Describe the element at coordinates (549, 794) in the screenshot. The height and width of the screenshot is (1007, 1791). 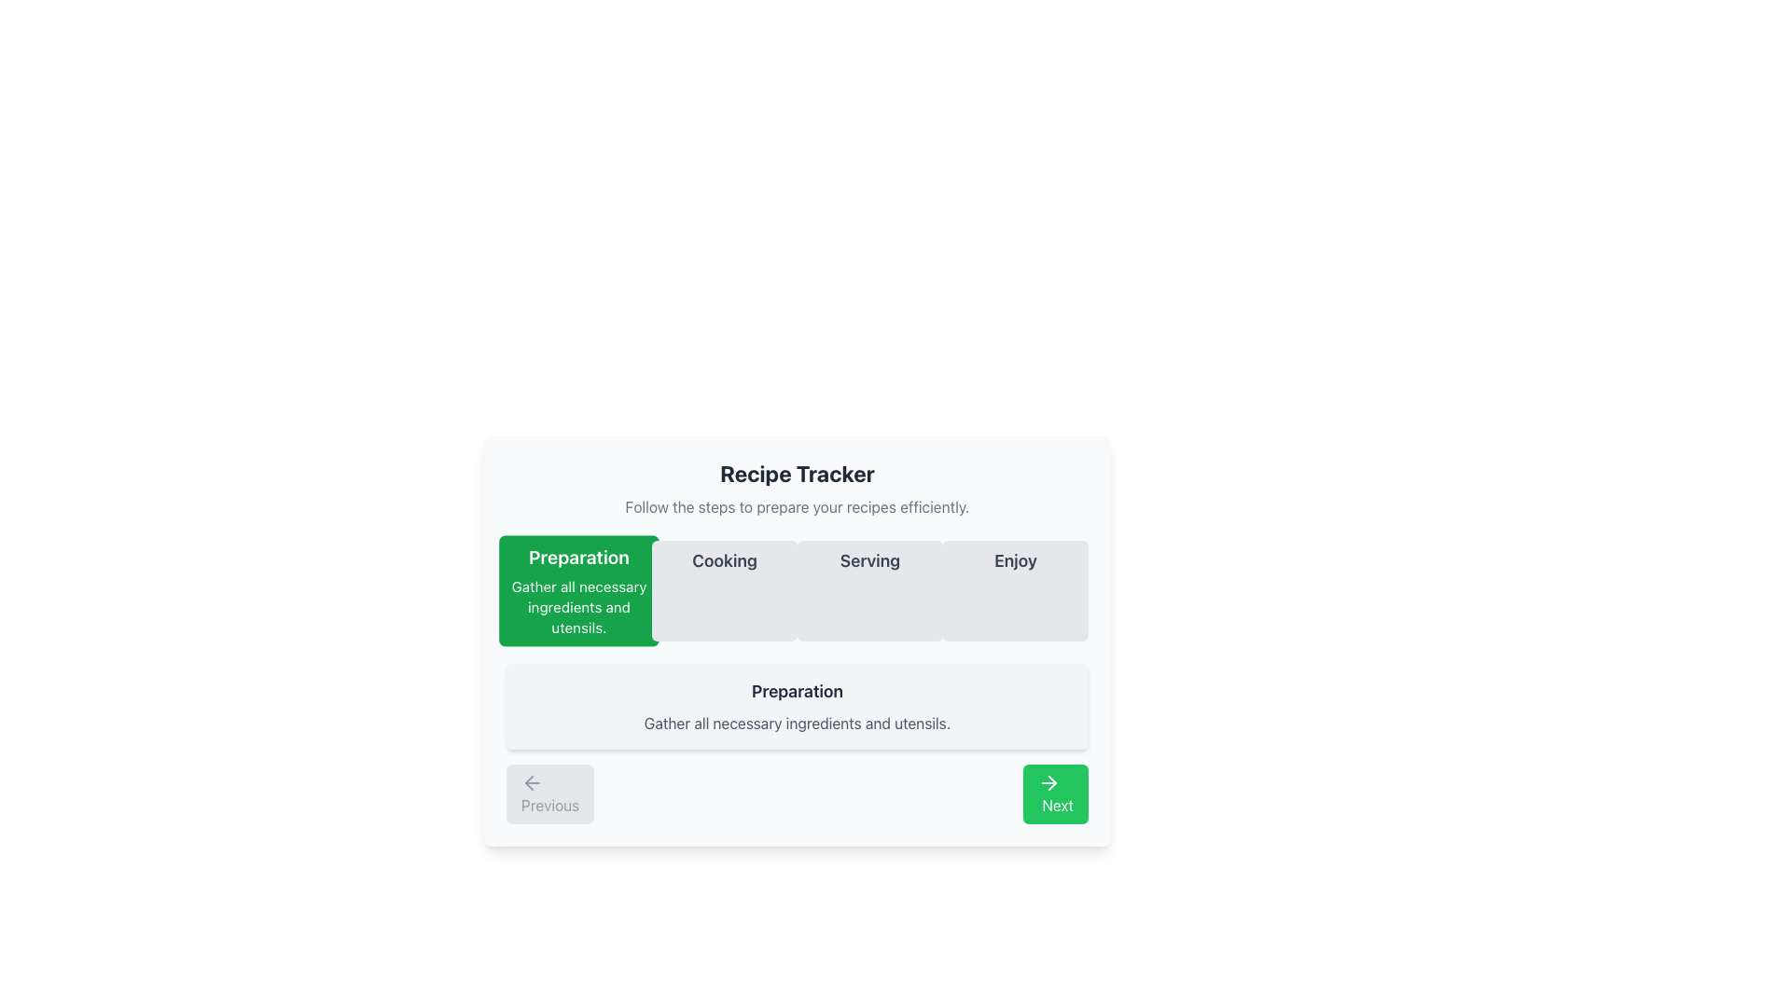
I see `the navigation button located at the bottom-left corner of the content area` at that location.